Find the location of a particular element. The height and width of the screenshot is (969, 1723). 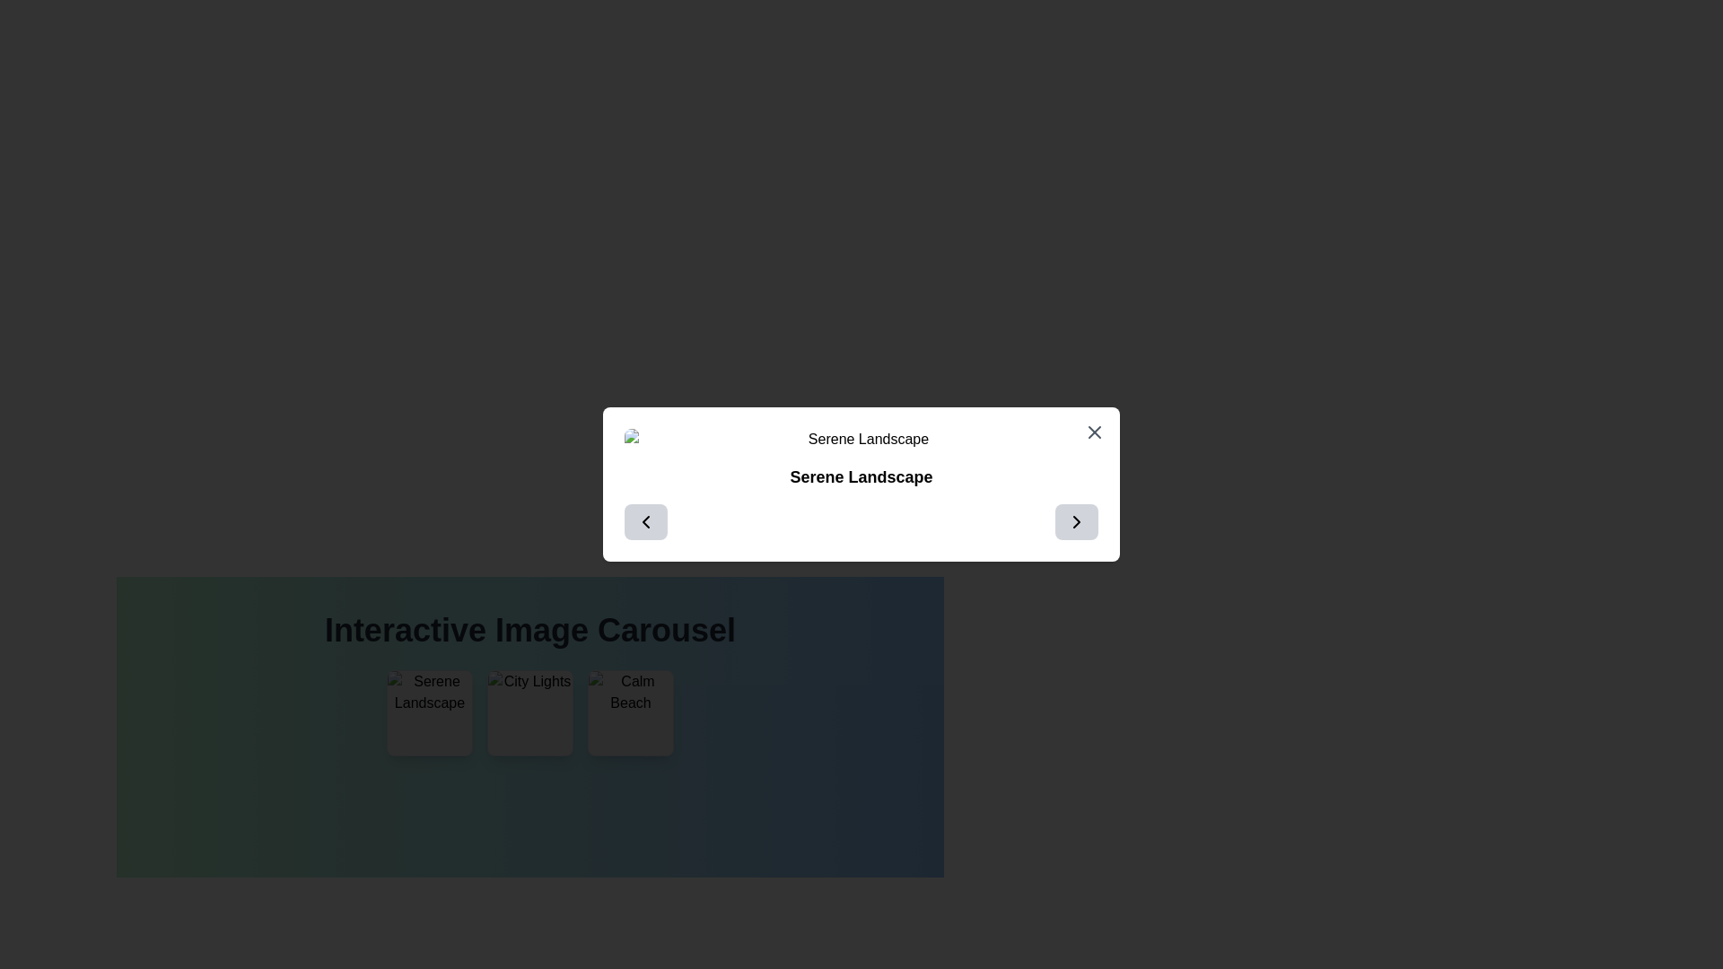

the leftmost image in the 'Interactive Image Carousel' is located at coordinates (429, 711).